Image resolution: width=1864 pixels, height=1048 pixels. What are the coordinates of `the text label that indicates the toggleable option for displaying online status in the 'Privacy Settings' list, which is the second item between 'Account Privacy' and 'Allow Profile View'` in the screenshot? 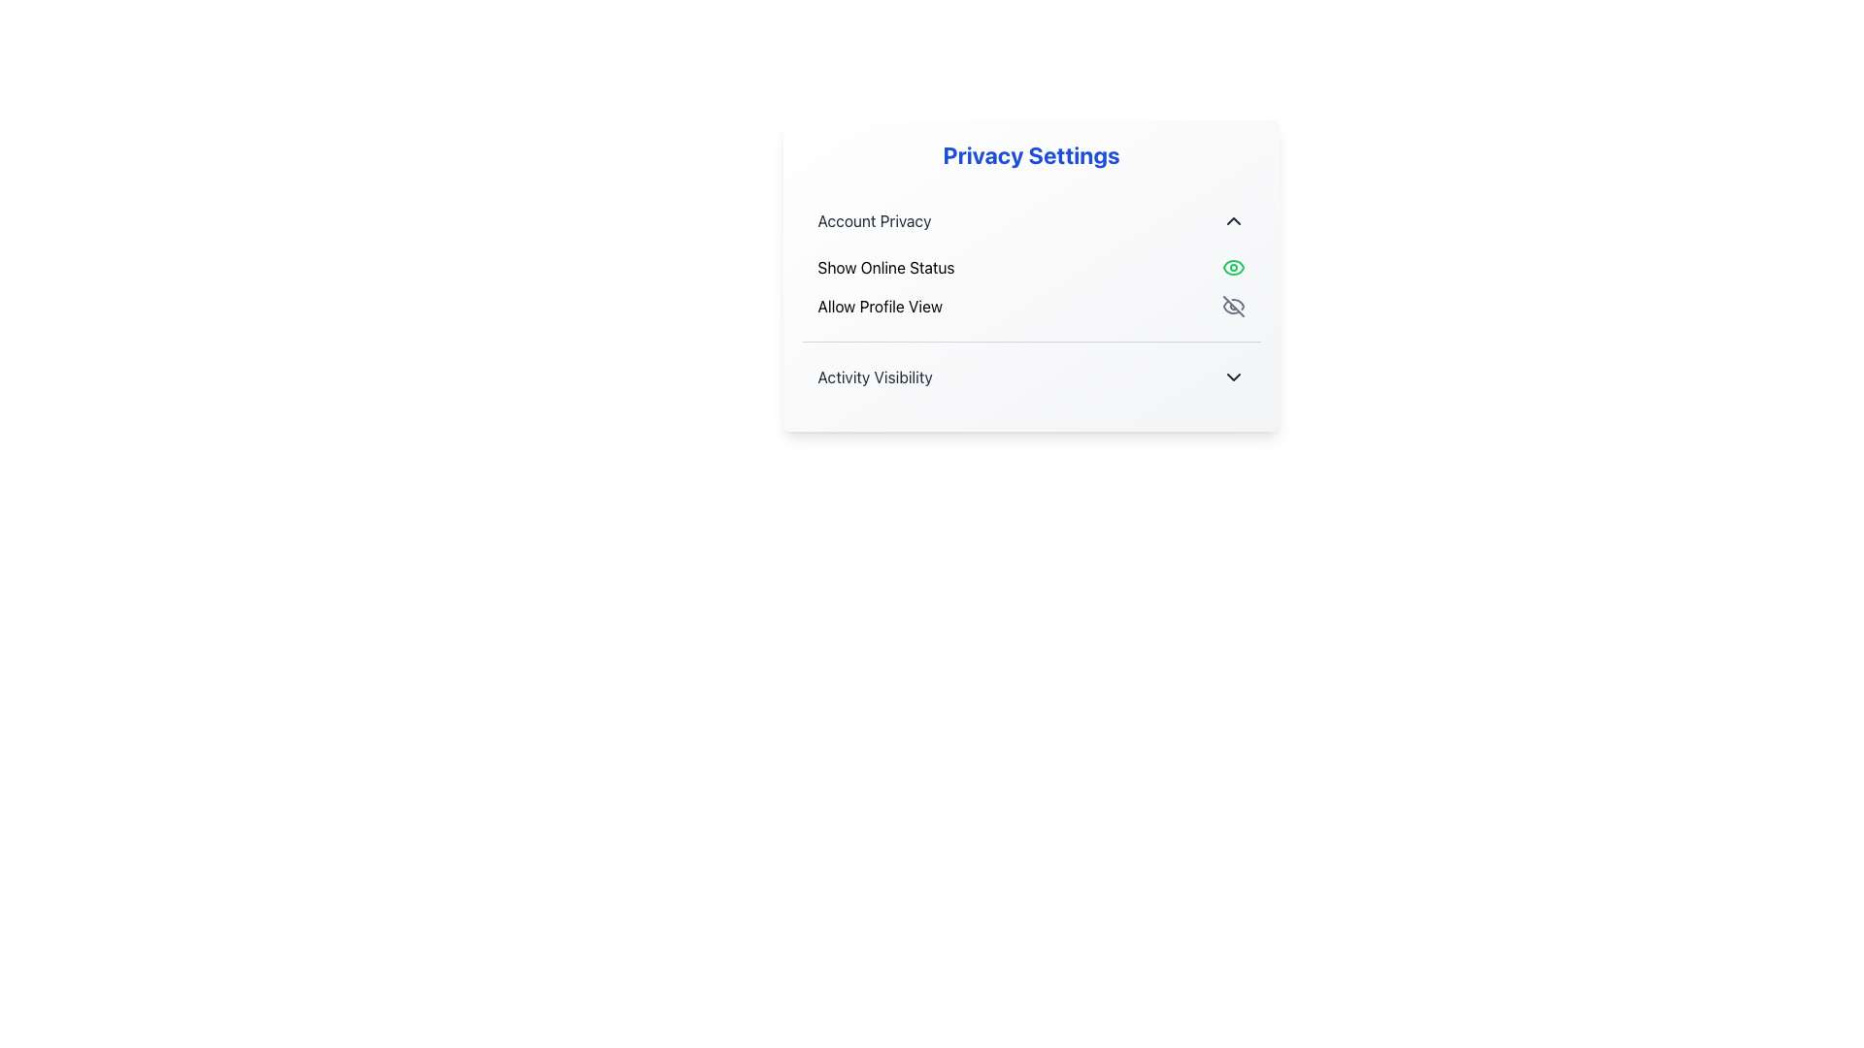 It's located at (884, 268).